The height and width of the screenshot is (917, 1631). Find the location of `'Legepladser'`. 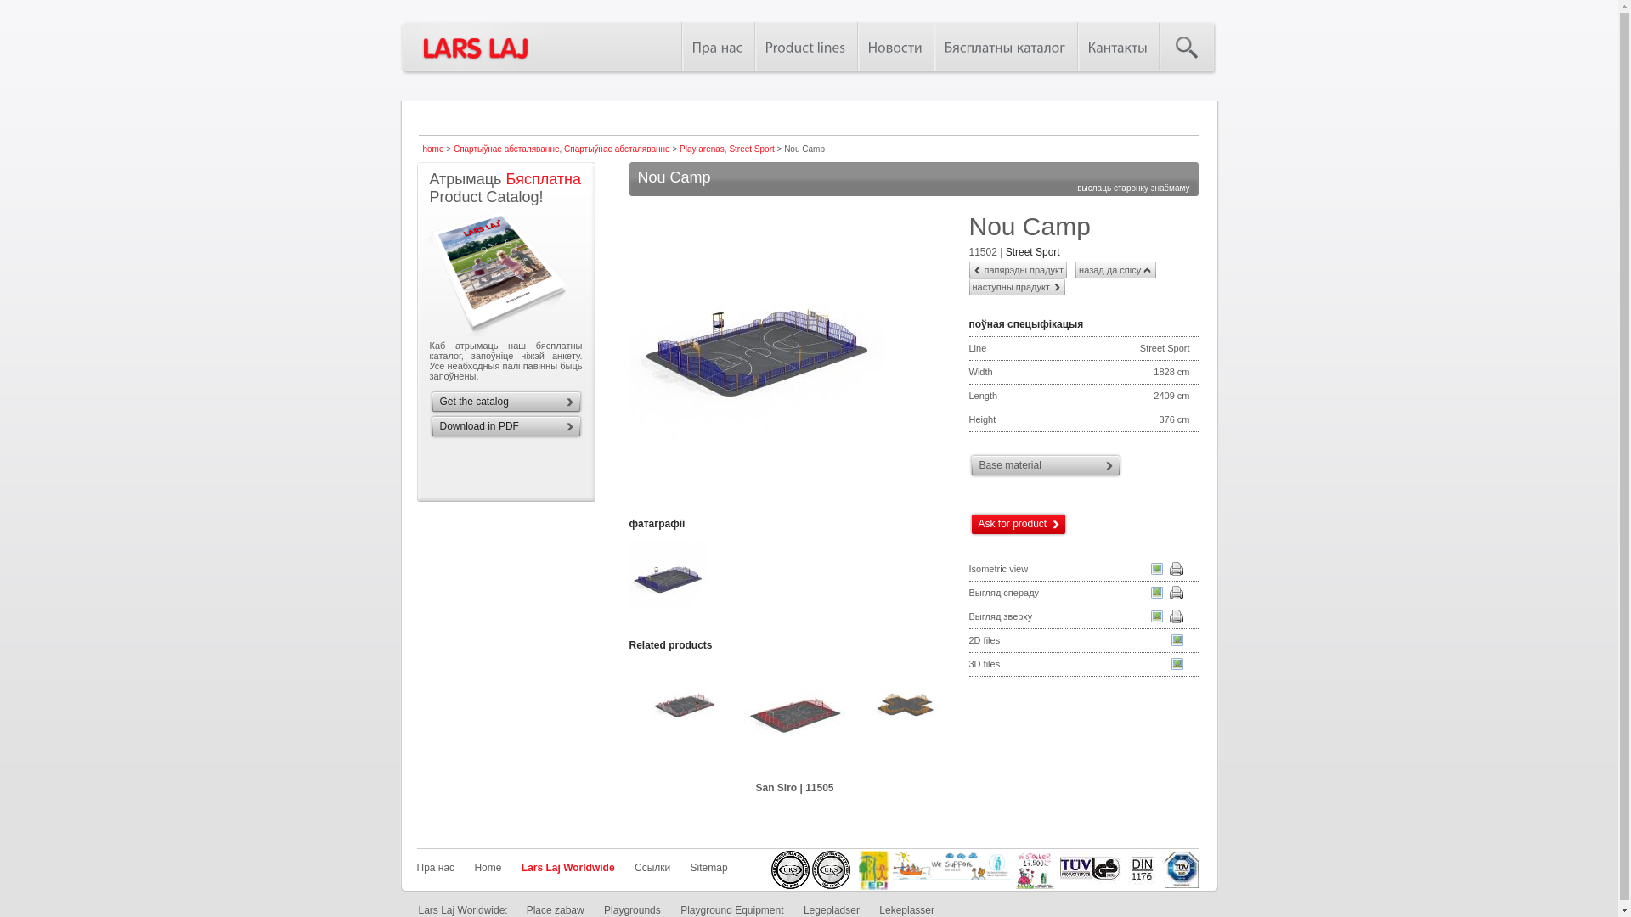

'Legepladser' is located at coordinates (832, 909).